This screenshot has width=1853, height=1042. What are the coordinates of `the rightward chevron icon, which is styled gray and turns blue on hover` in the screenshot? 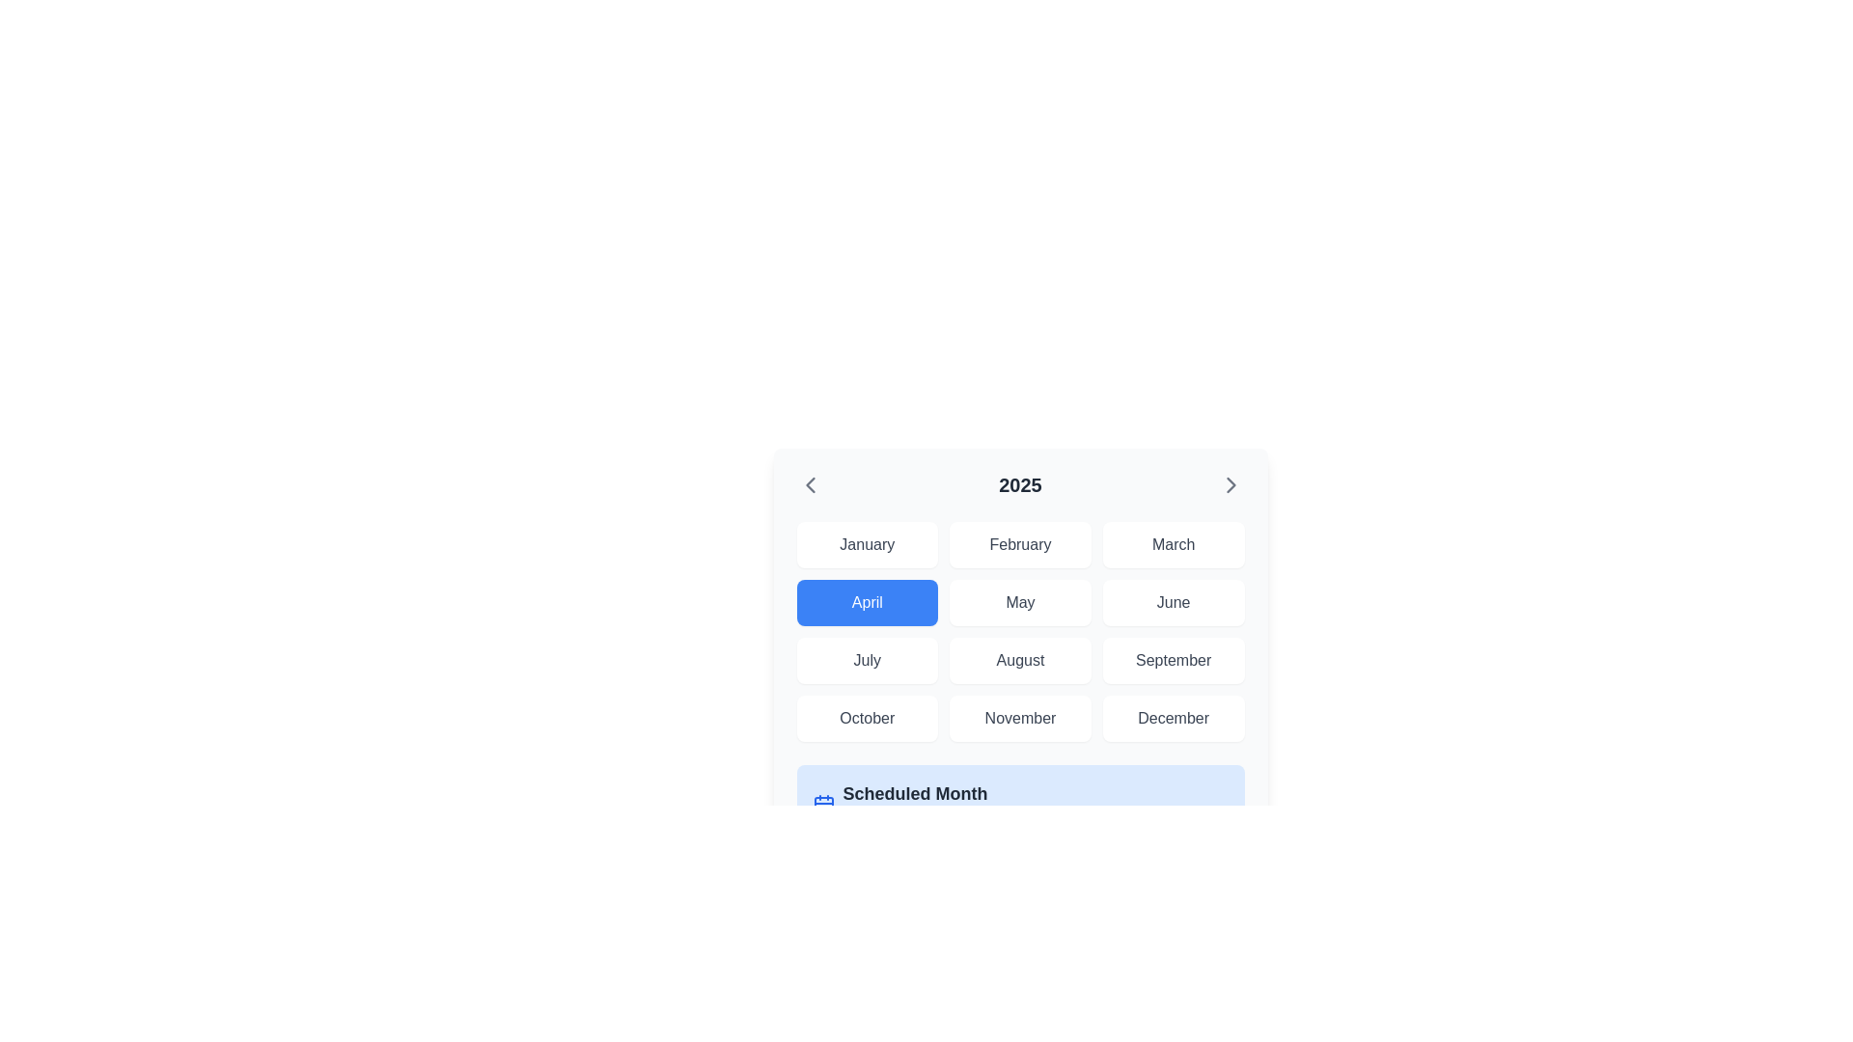 It's located at (1230, 483).